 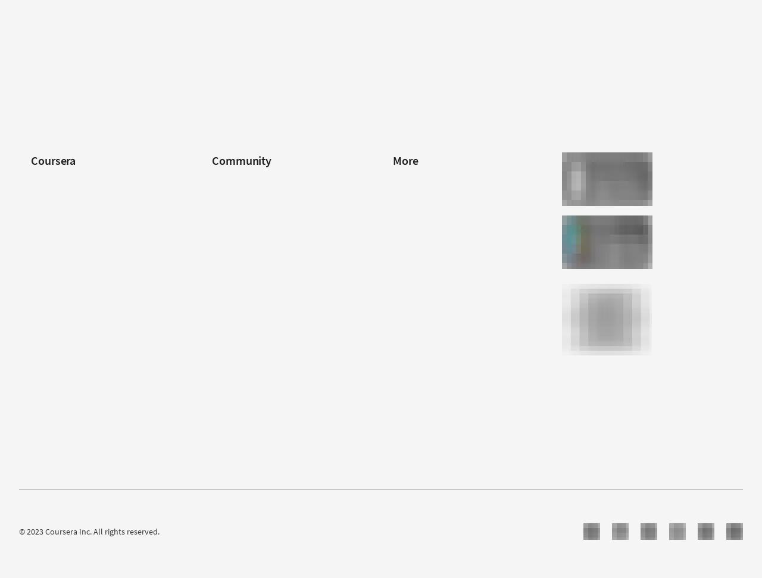 What do you see at coordinates (227, 180) in the screenshot?
I see `'Learners'` at bounding box center [227, 180].